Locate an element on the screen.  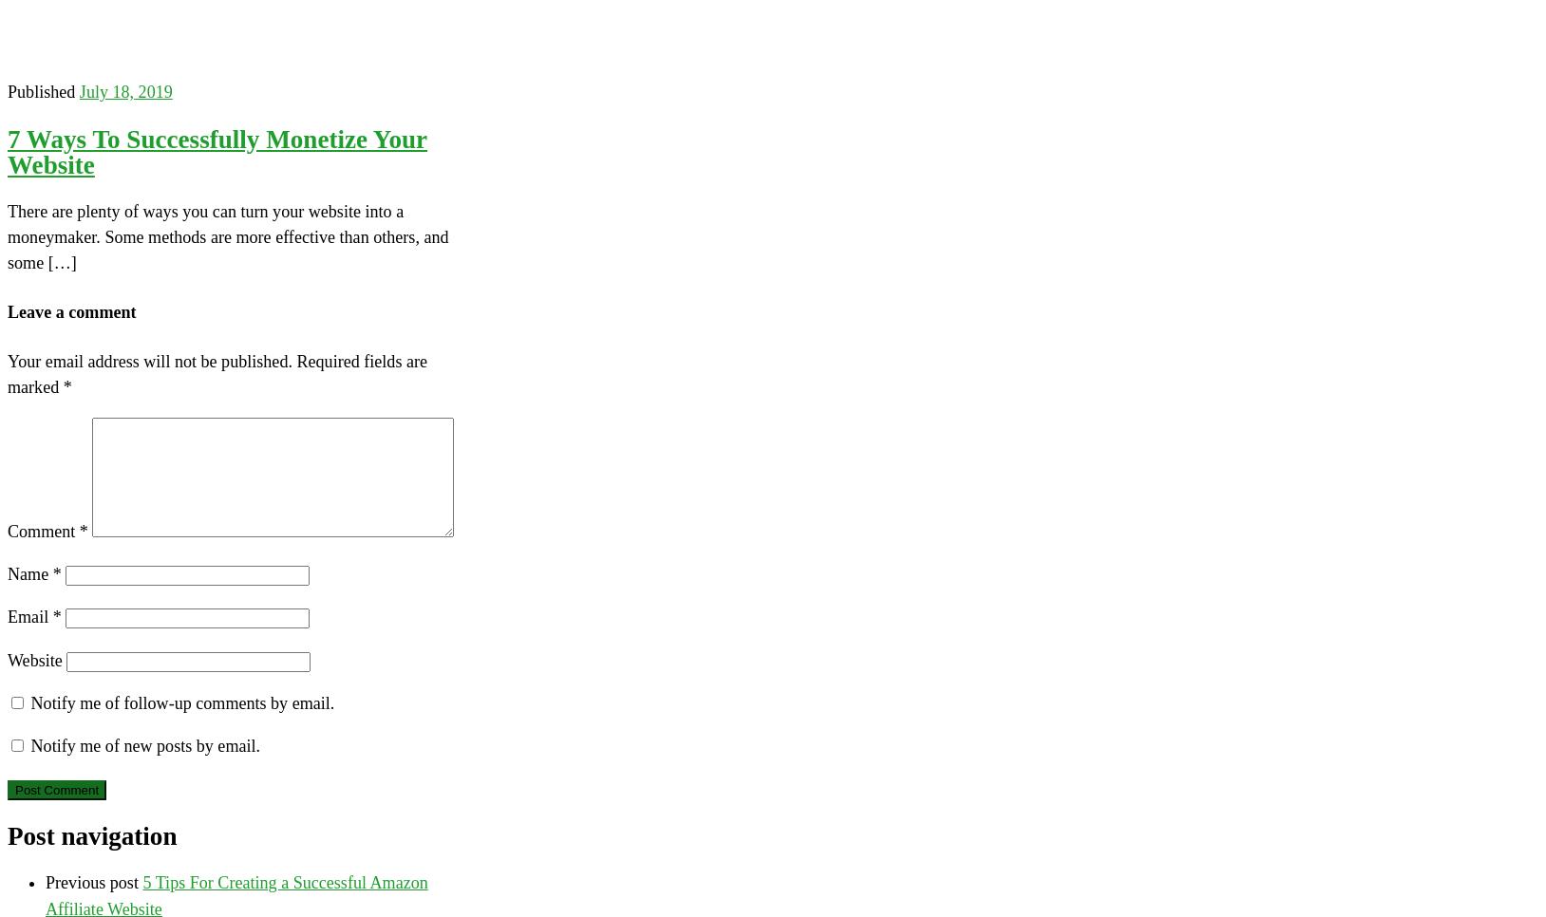
'Your email address will not be published.' is located at coordinates (148, 361).